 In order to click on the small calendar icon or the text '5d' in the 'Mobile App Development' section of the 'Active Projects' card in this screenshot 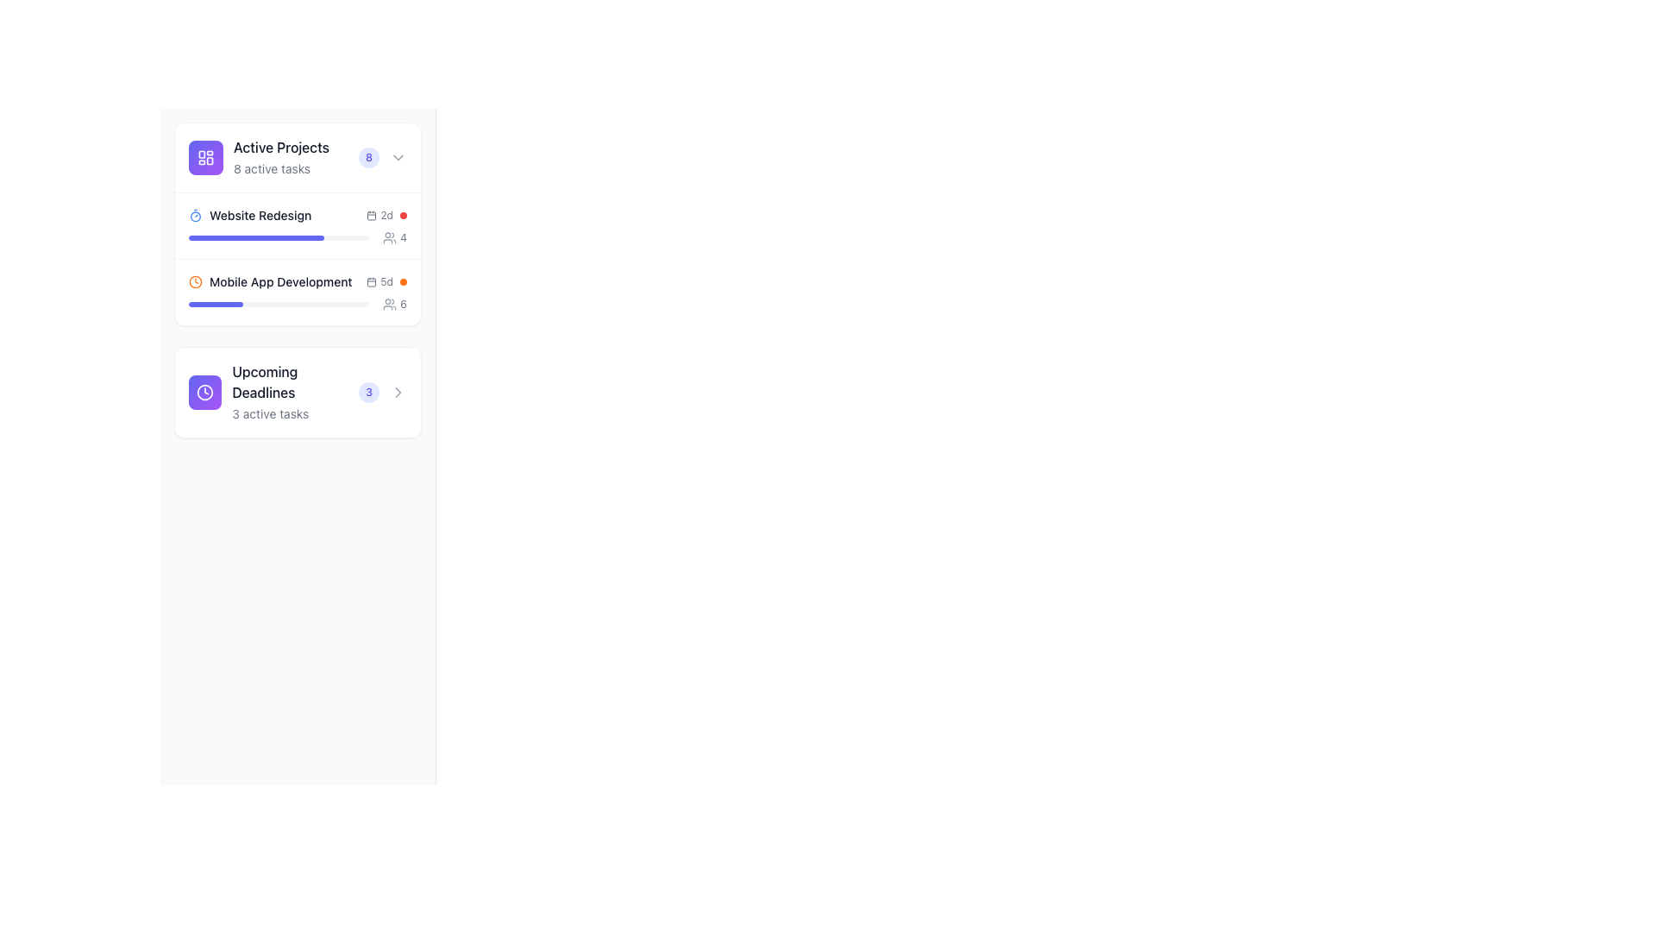, I will do `click(386, 281)`.